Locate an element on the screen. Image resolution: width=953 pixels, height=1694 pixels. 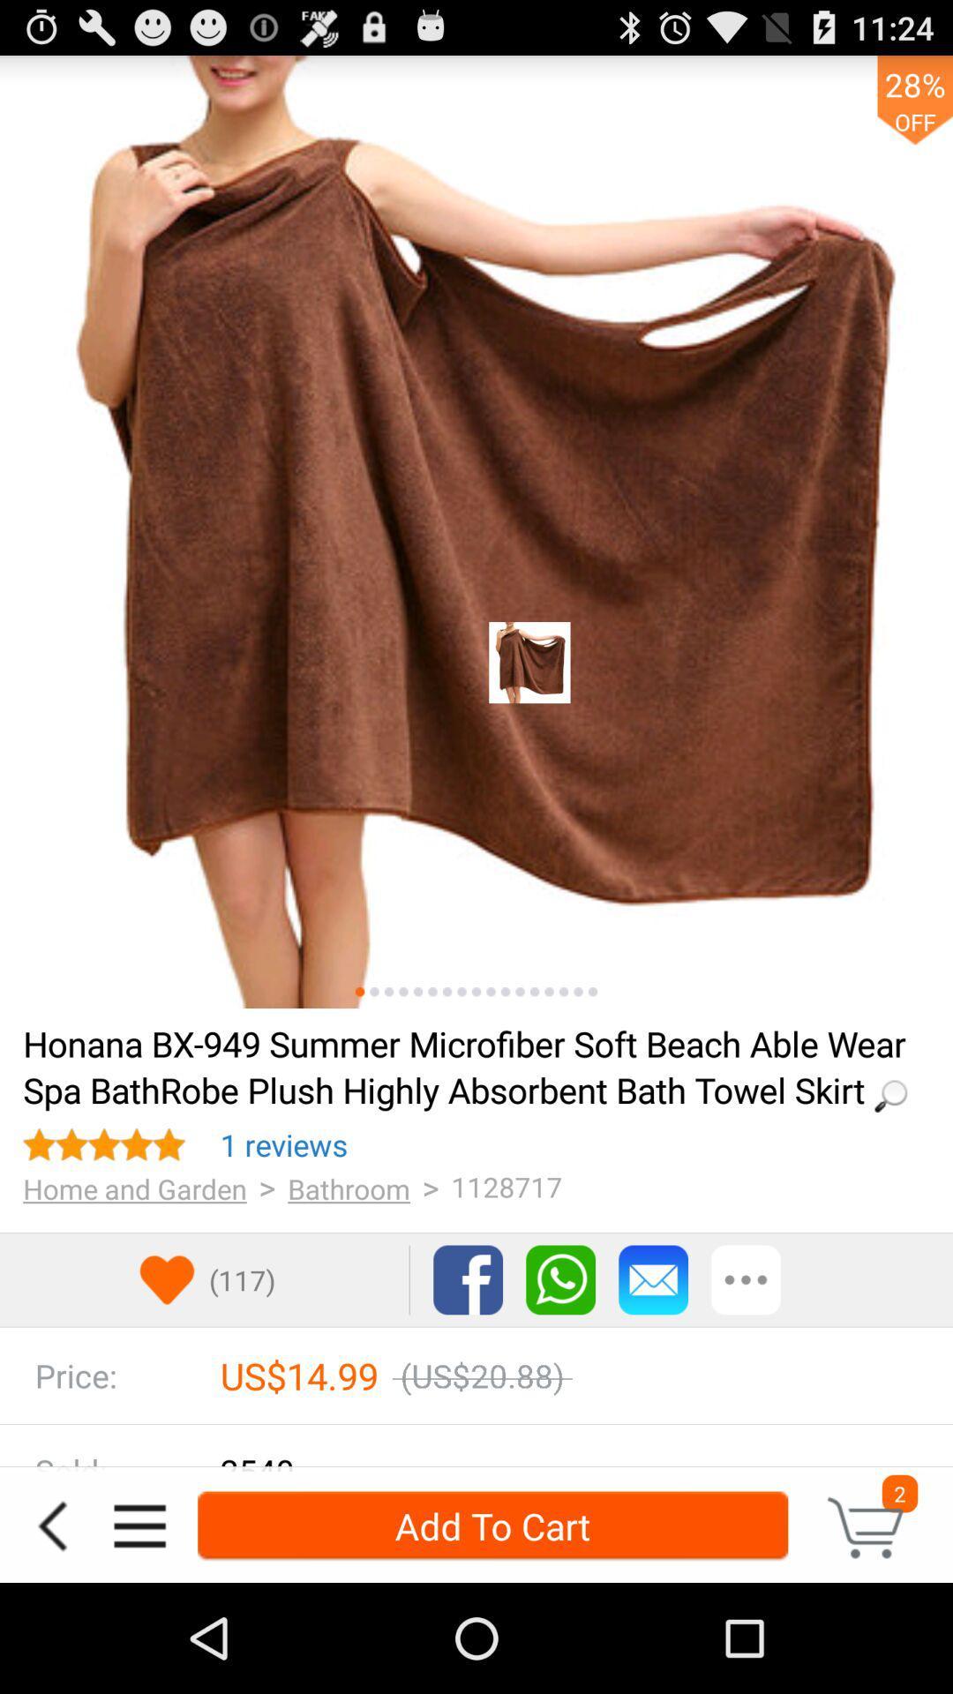
see other image is located at coordinates (564, 992).